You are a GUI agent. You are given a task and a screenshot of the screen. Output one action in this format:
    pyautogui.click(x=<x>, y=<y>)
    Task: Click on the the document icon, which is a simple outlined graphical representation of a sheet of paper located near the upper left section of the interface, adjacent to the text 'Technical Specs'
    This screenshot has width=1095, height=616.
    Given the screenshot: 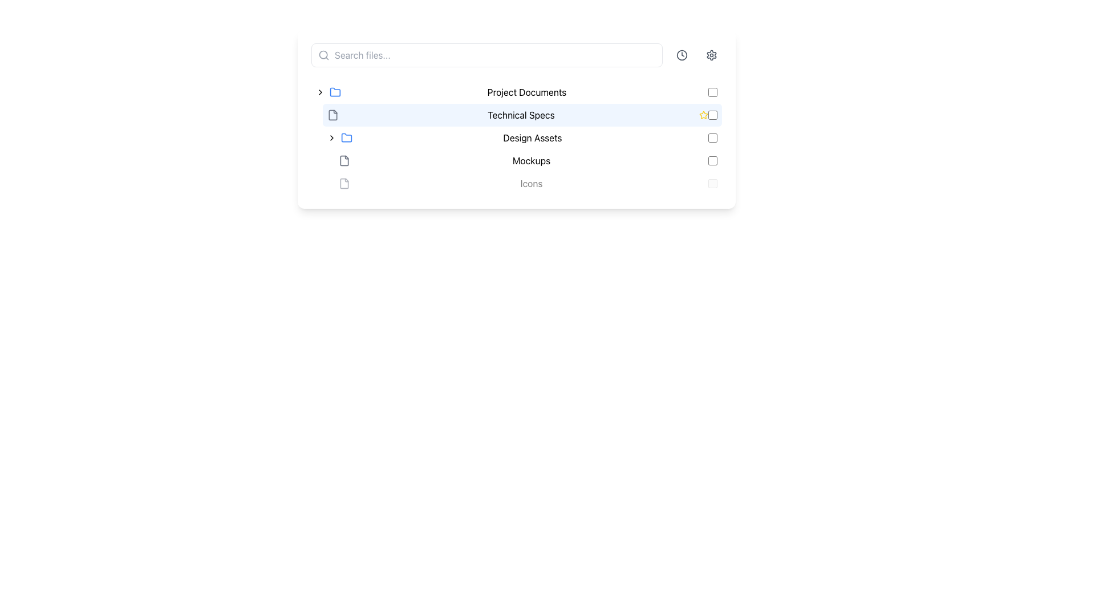 What is the action you would take?
    pyautogui.click(x=344, y=183)
    